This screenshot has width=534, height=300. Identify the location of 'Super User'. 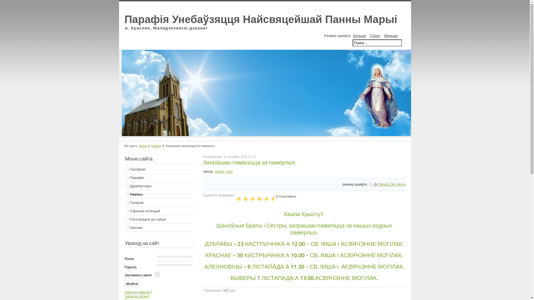
(224, 171).